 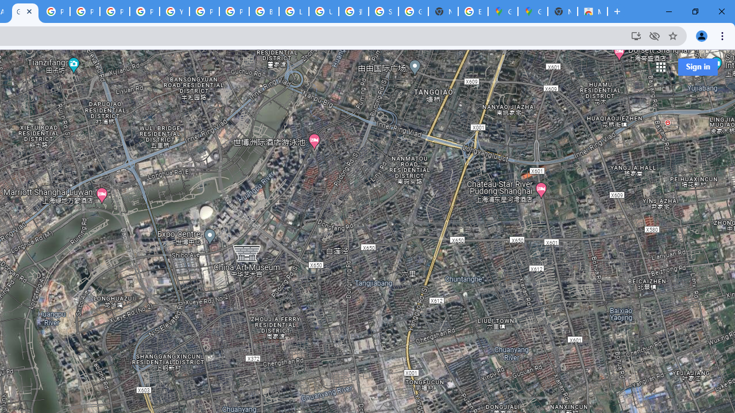 What do you see at coordinates (174, 11) in the screenshot?
I see `'YouTube'` at bounding box center [174, 11].